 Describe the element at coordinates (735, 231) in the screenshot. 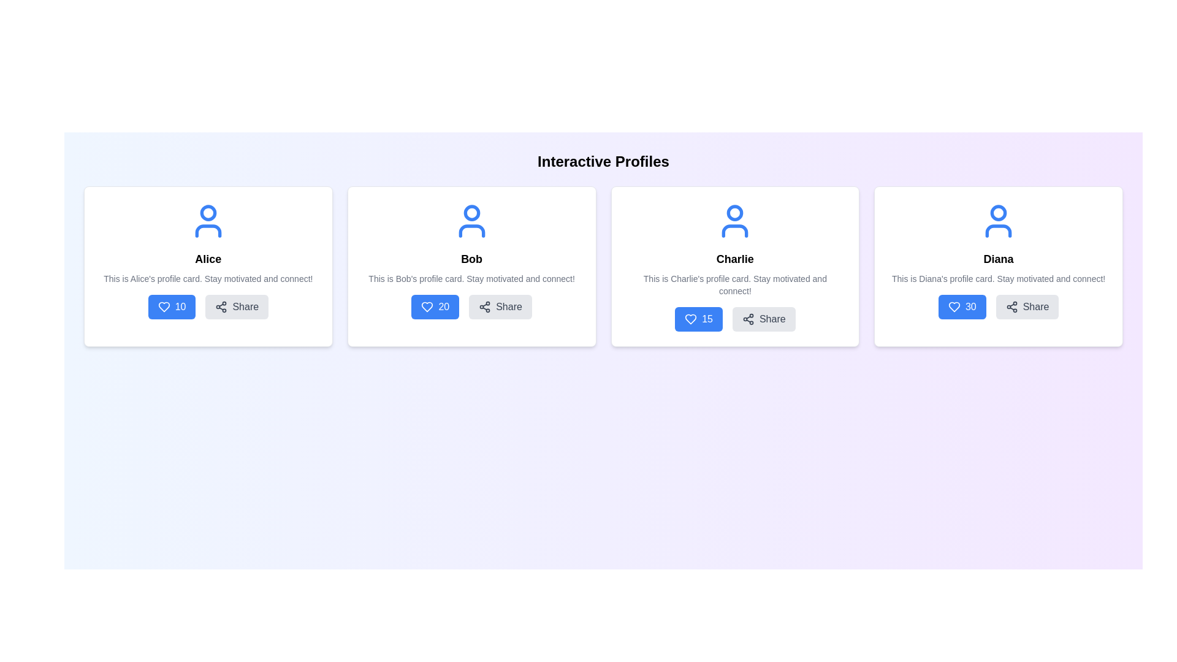

I see `the Decorative icon representing a person in the avatar icon of the profile card labeled 'Charlie'` at that location.